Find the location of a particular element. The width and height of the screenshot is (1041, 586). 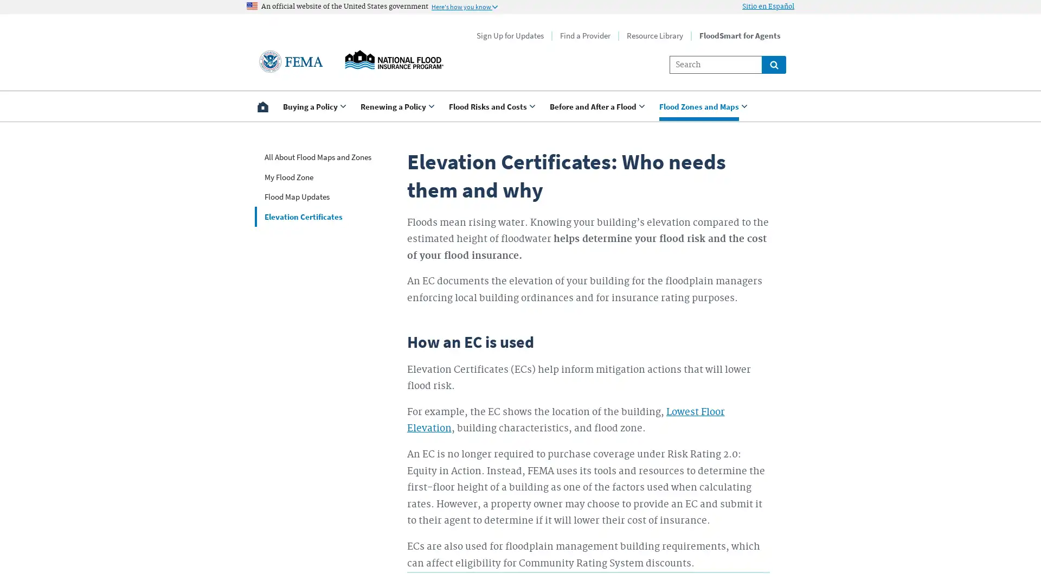

Use <enter> and shift + <enter> to open and close the drop down to sub-menus is located at coordinates (493, 106).